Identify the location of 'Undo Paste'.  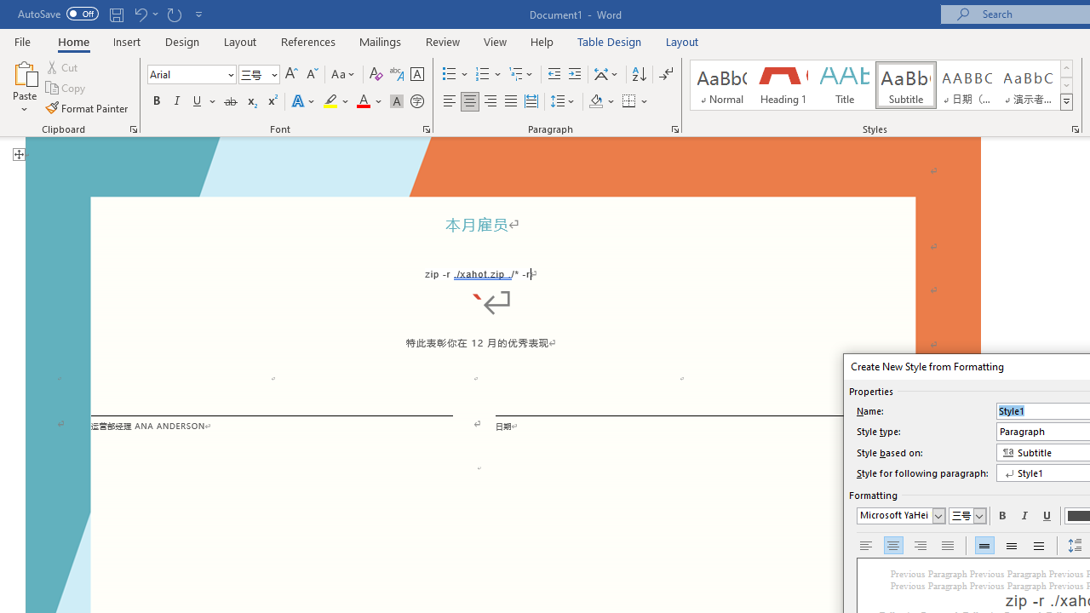
(145, 14).